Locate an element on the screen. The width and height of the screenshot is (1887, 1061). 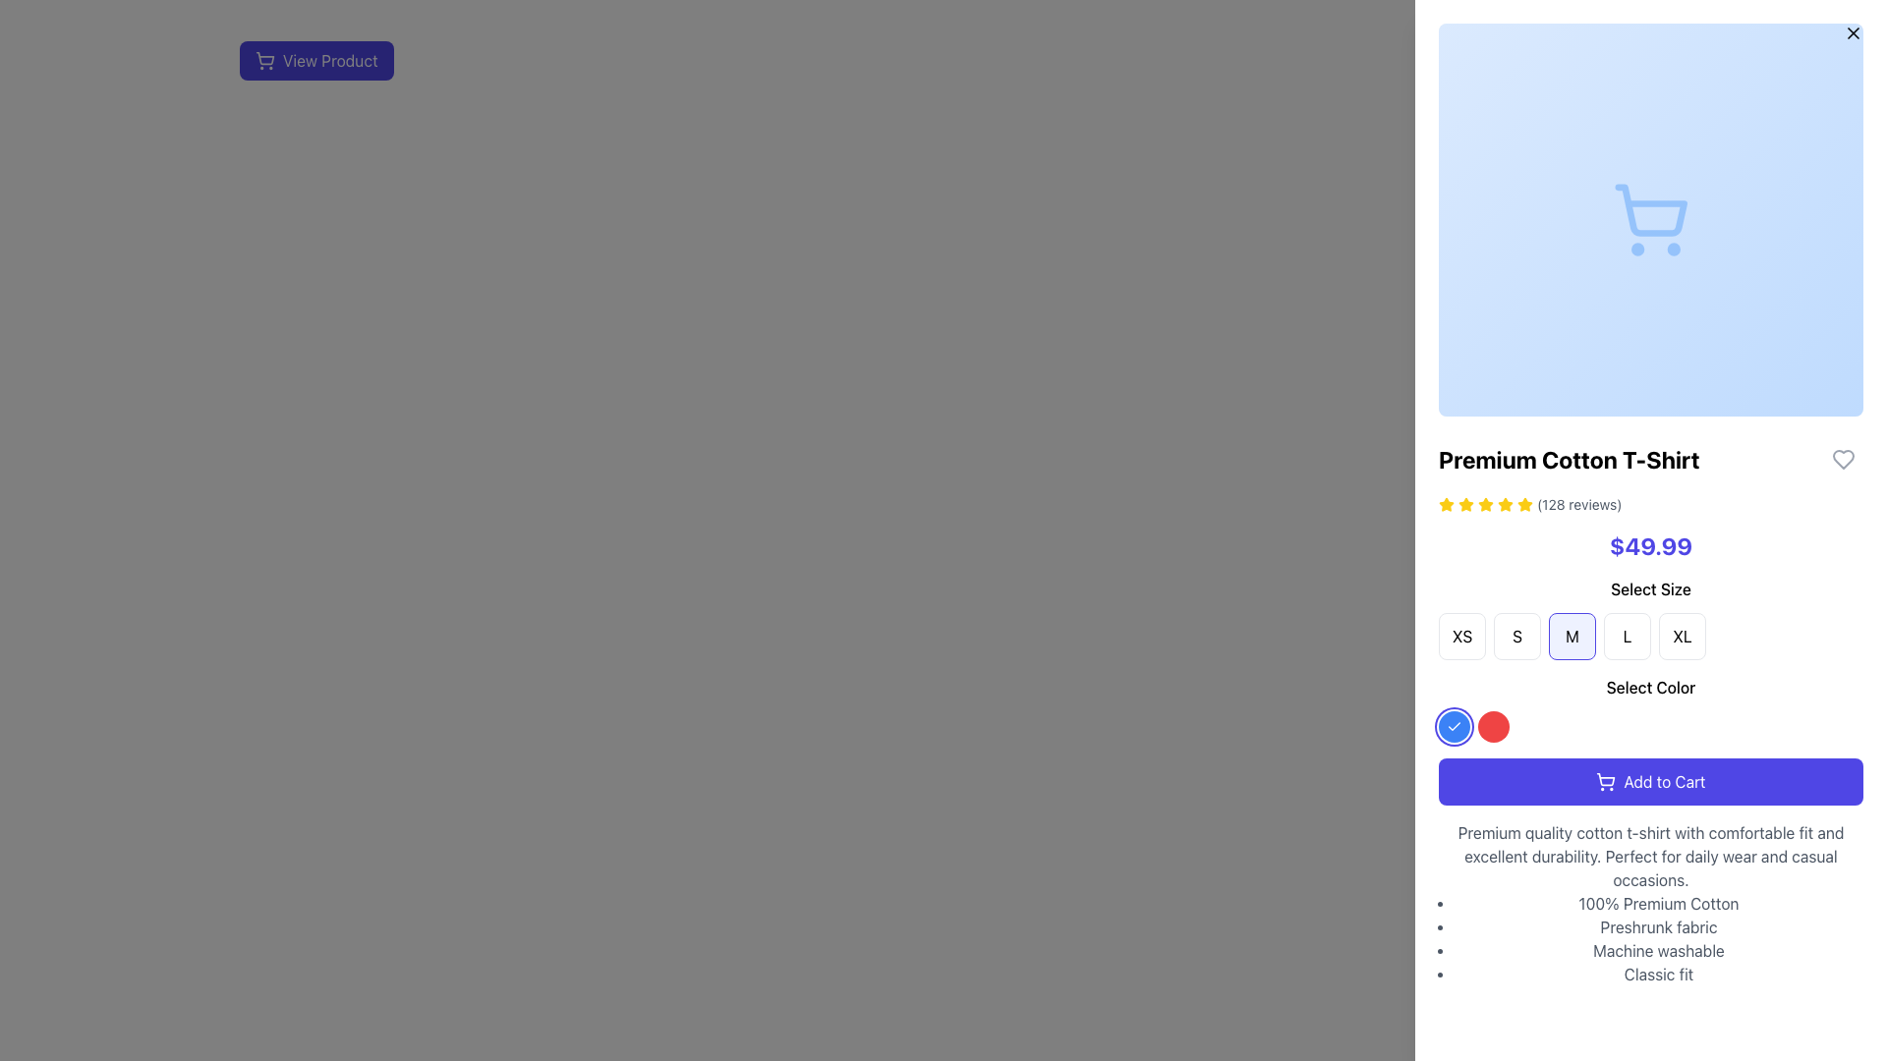
bulleted list of key features or specifications of the product located near the bottom section of the product information panel, immediately following the descriptive text is located at coordinates (1651, 938).